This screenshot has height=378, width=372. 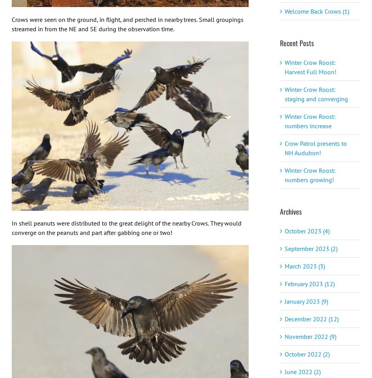 I want to click on 'In shell peanuts were distributed to the great delight of the nearby Crows. They would converge on the peanuts and part after gabbing one or two!', so click(x=126, y=227).